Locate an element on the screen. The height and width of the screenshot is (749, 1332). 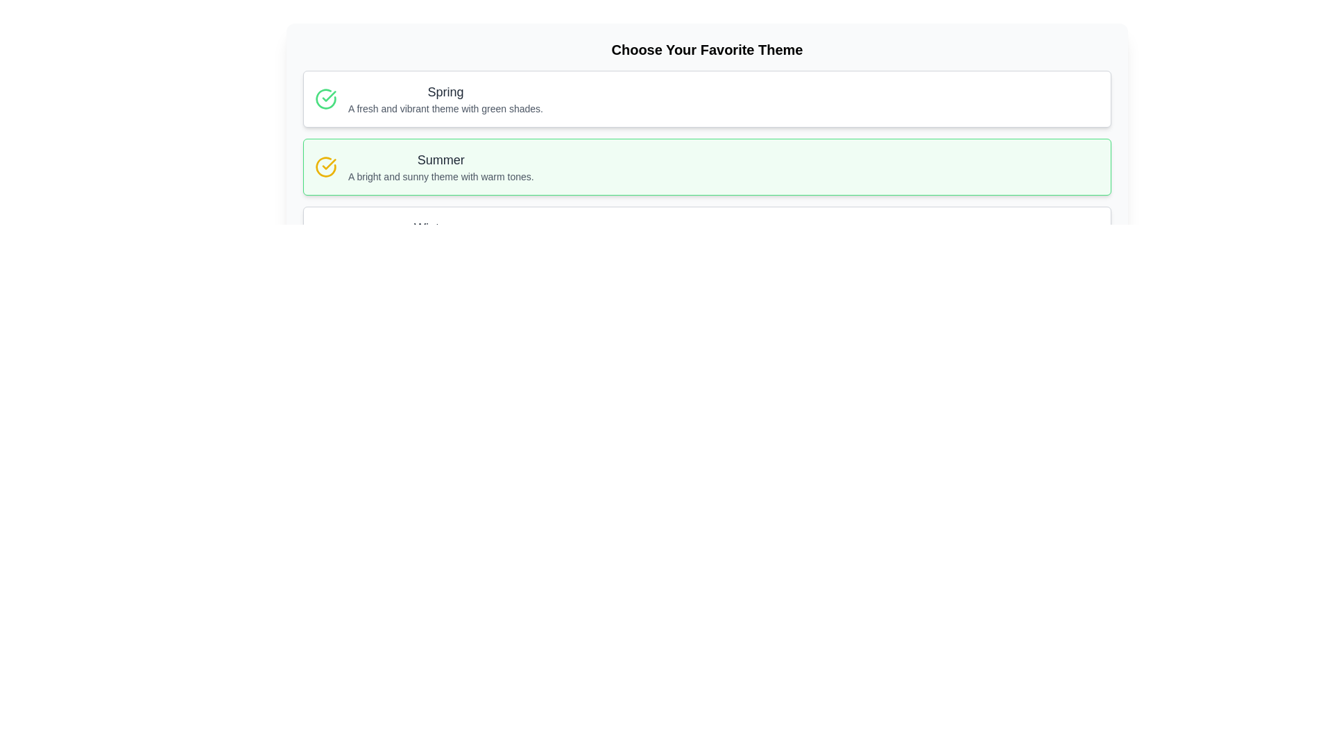
the text block that describes the 'Summer' theme, which is centered horizontally within a rectangular card located in the second slot of a vertically stacked list is located at coordinates (440, 166).